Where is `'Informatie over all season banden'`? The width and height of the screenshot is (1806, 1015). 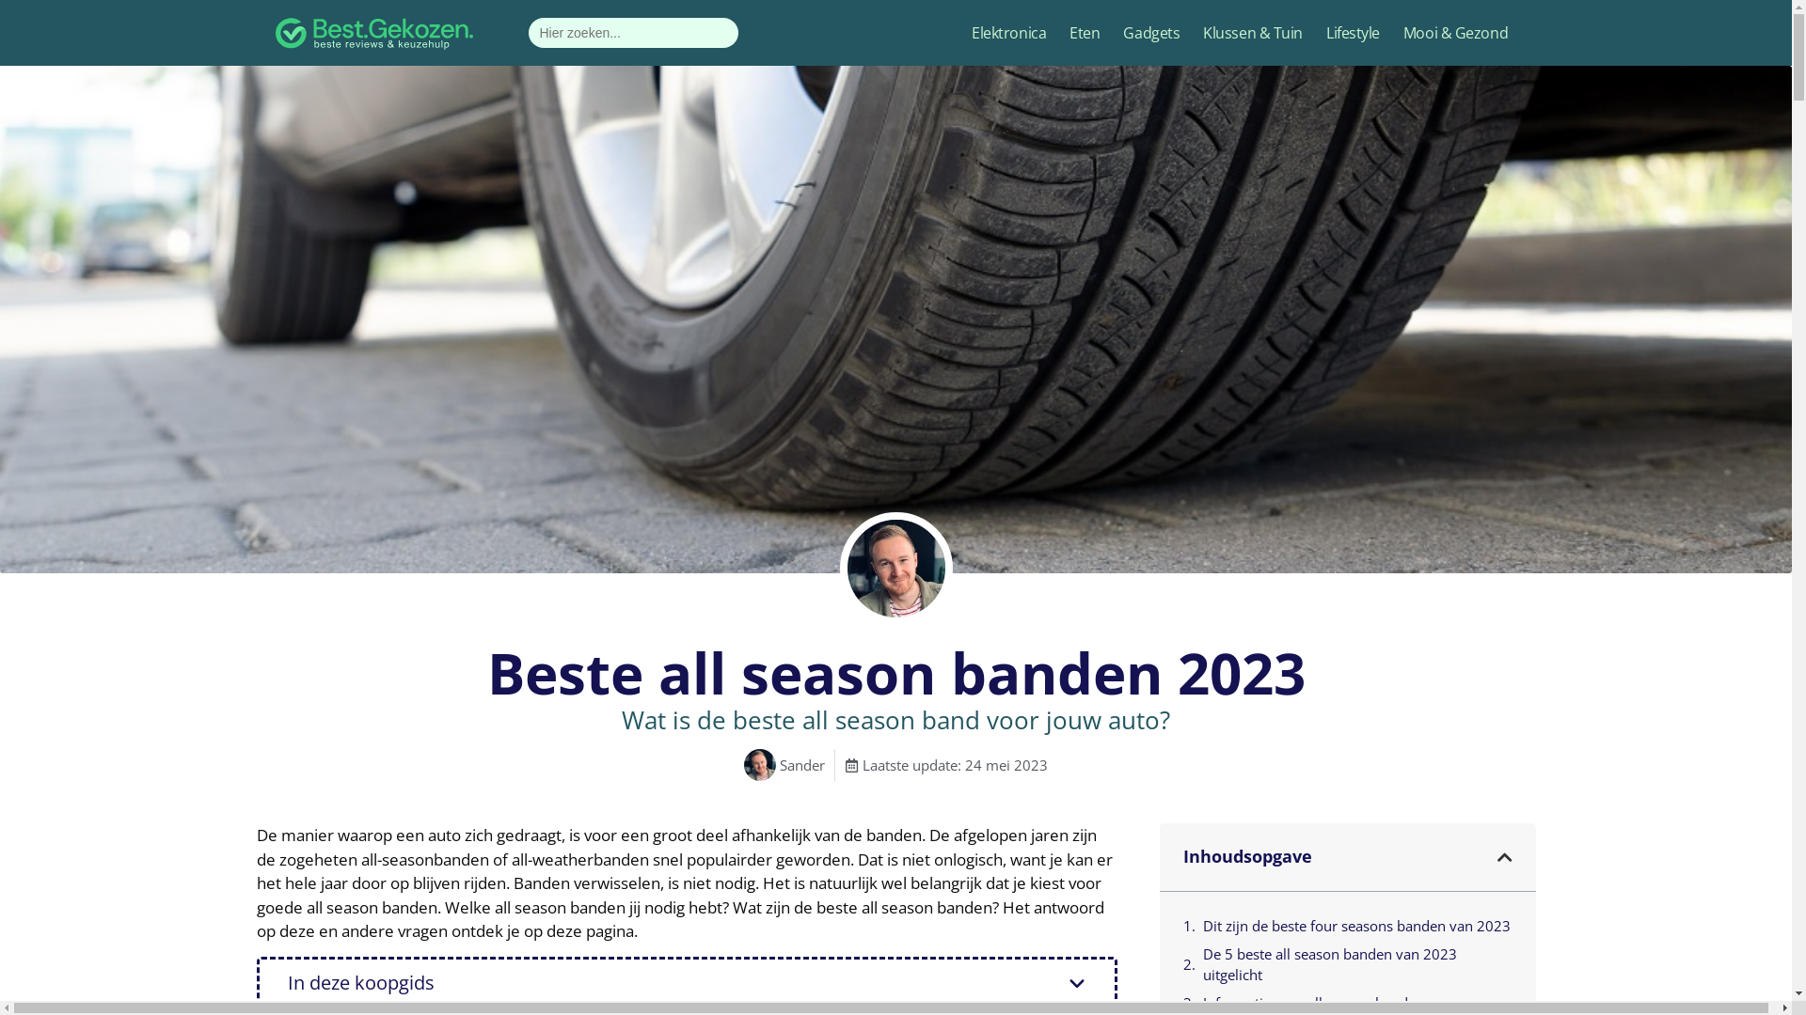 'Informatie over all season banden' is located at coordinates (1311, 1002).